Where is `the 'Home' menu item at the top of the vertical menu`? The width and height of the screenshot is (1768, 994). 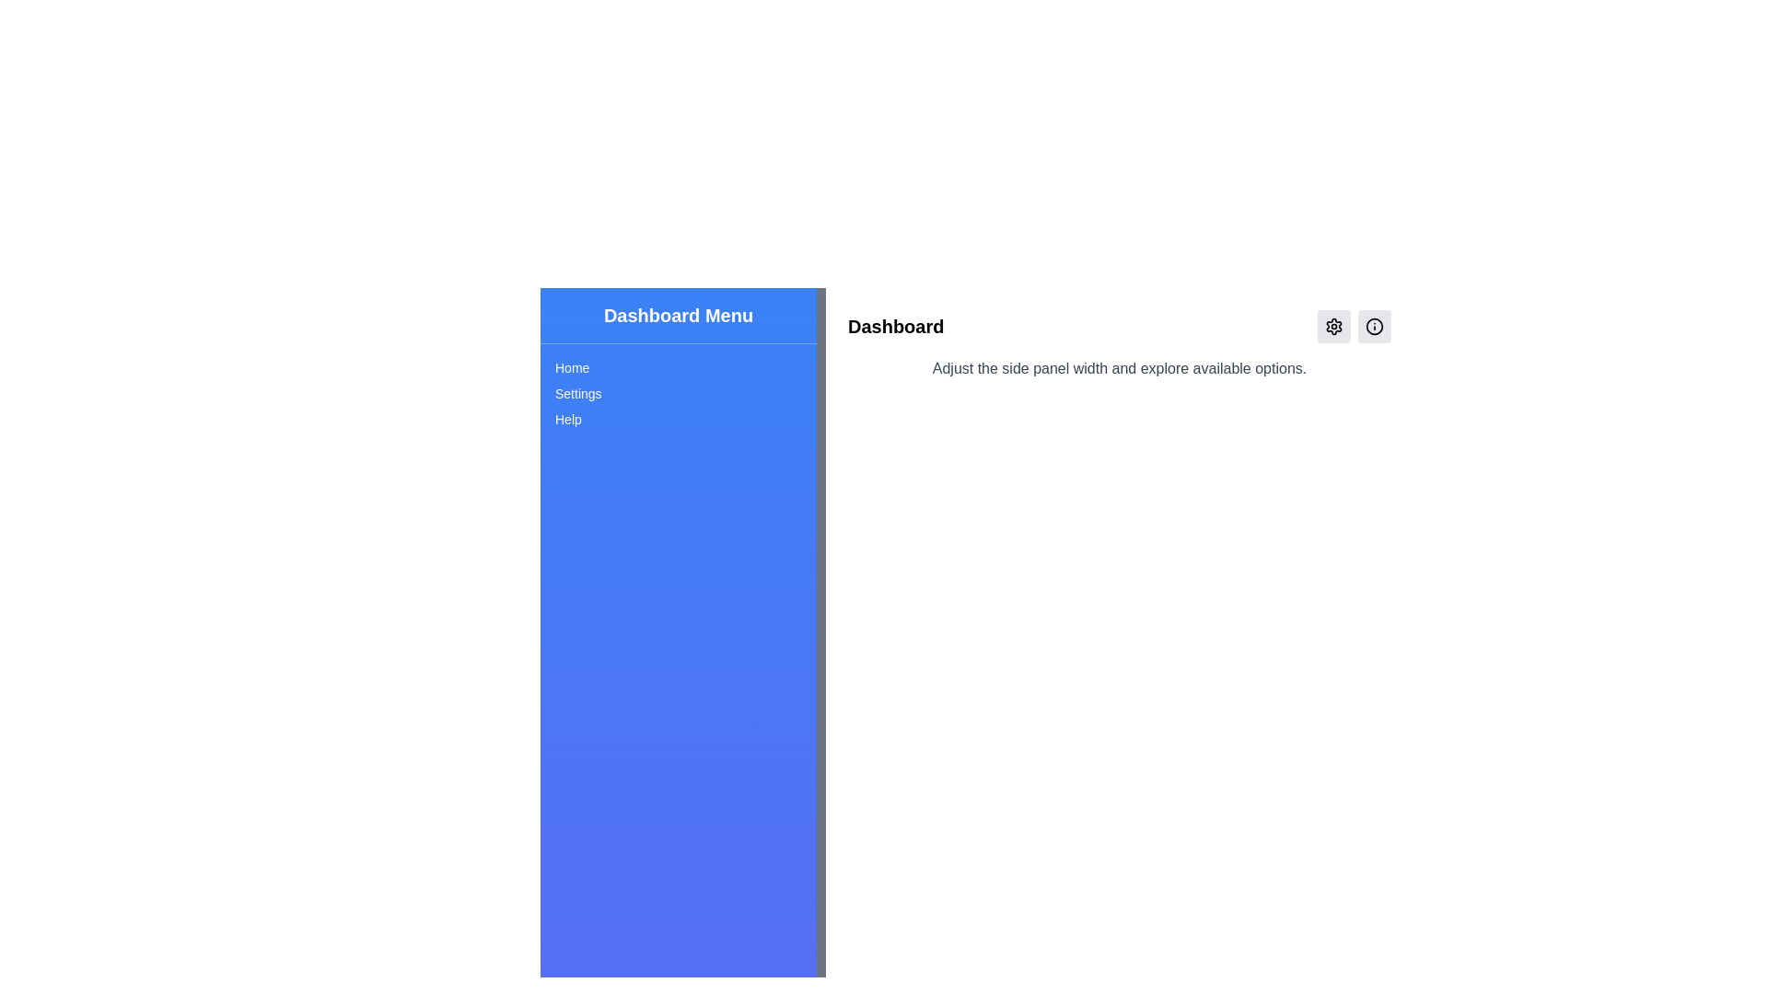 the 'Home' menu item at the top of the vertical menu is located at coordinates (678, 368).